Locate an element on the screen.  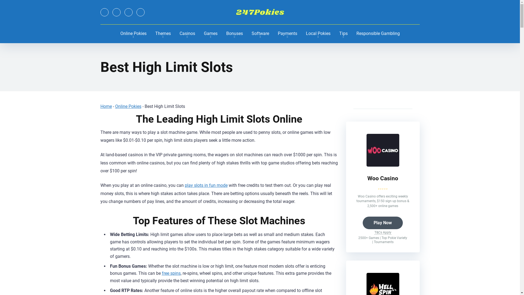
'Local Pokies' is located at coordinates (301, 34).